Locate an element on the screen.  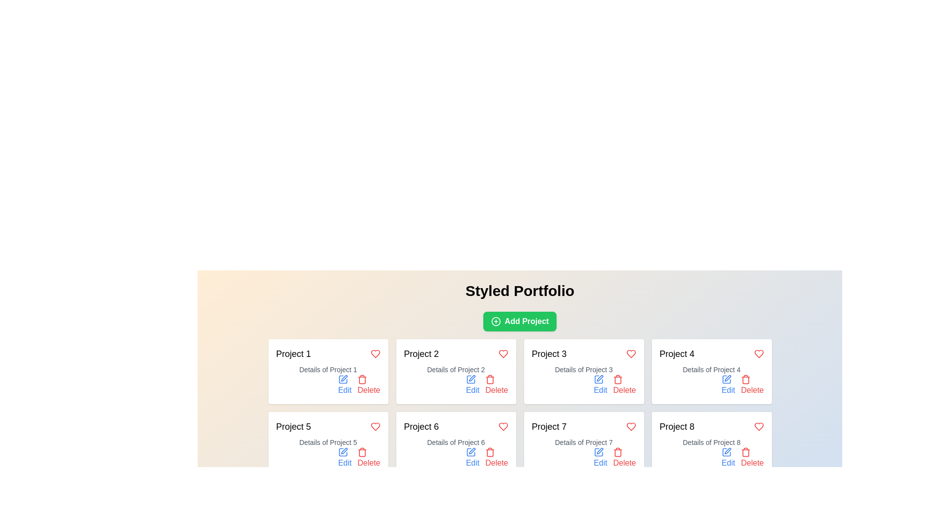
the trash can icon button located in the bottom-right corner of the Project 7 card to initiate the delete action is located at coordinates (618, 452).